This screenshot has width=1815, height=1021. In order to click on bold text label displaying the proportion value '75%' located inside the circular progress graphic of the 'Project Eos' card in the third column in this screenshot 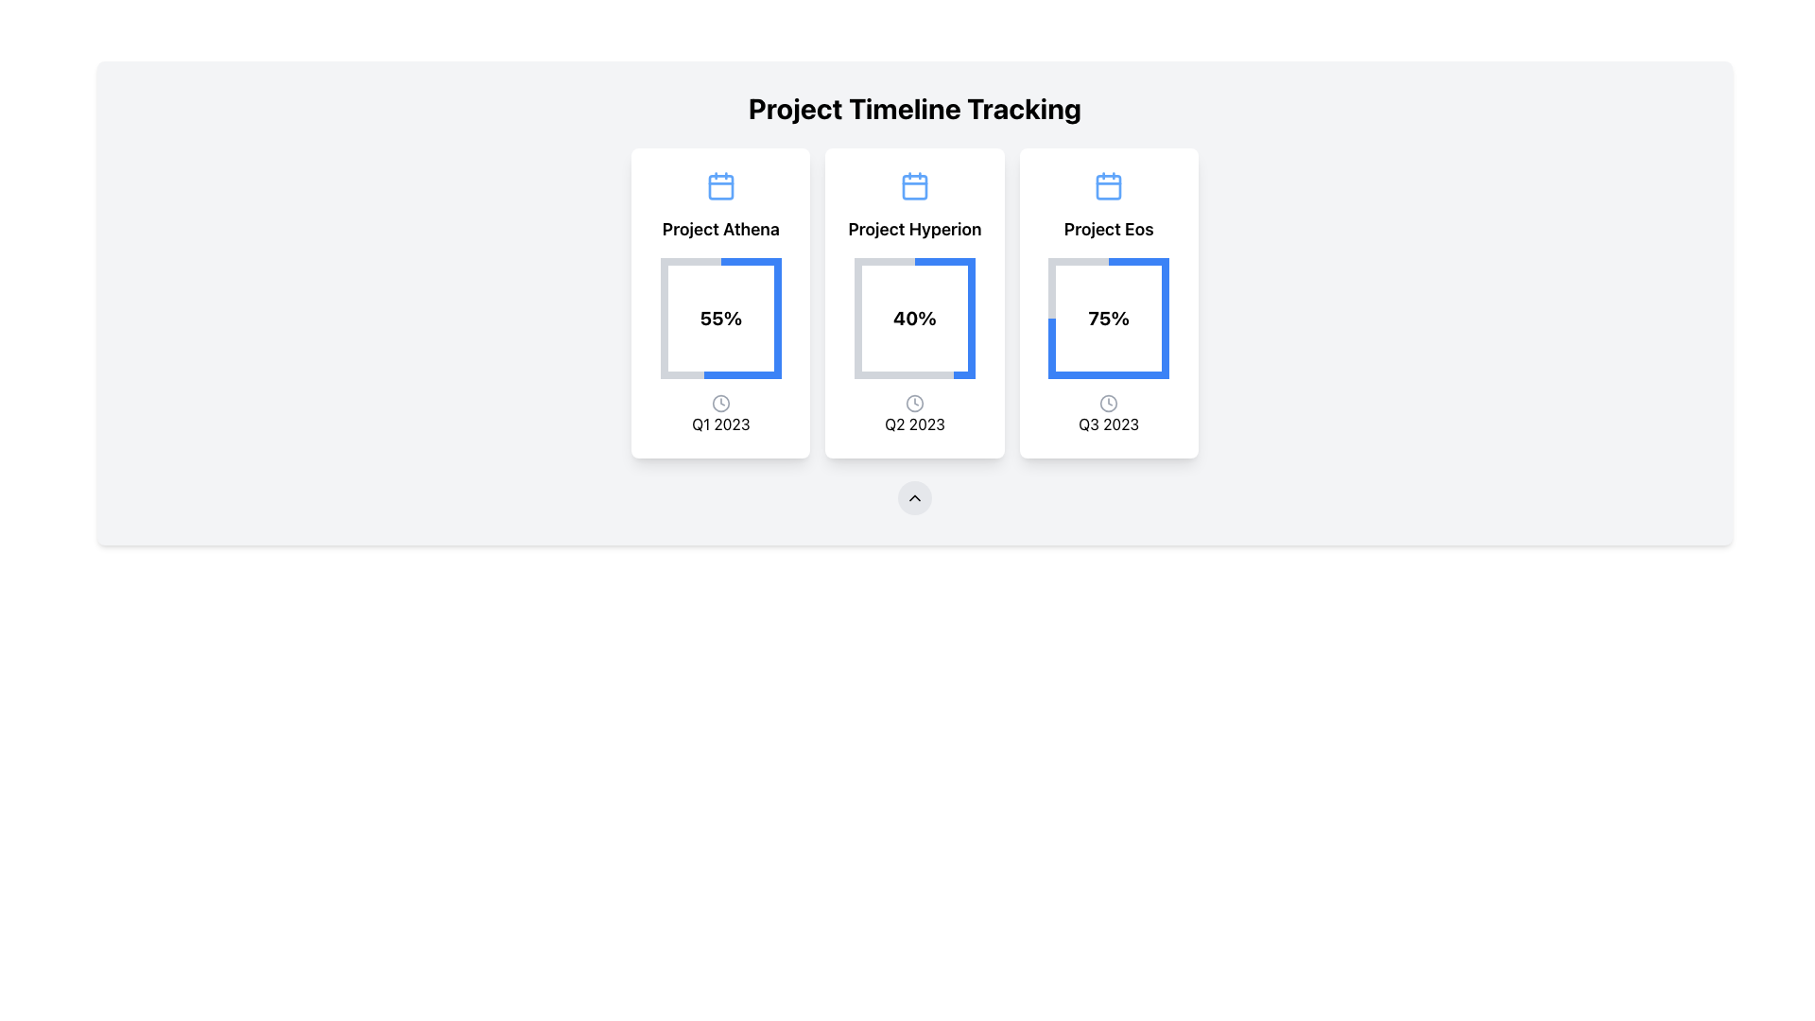, I will do `click(1109, 317)`.